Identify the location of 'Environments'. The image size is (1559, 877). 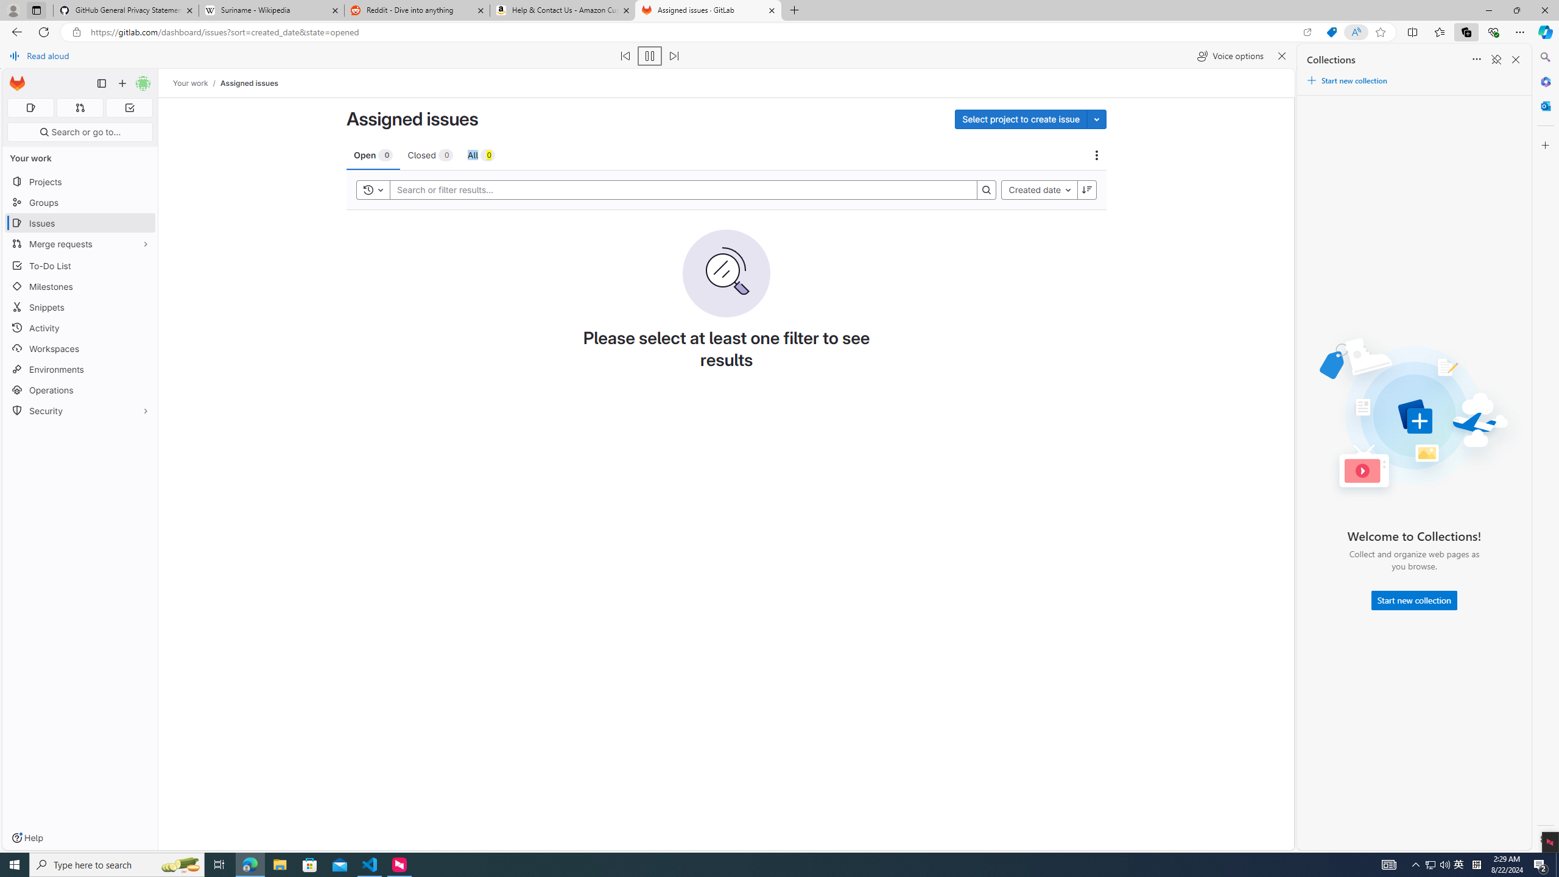
(79, 368).